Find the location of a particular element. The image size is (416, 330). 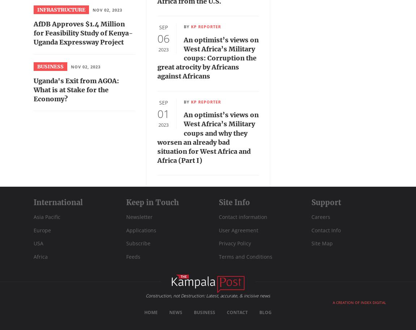

'Europe' is located at coordinates (33, 230).